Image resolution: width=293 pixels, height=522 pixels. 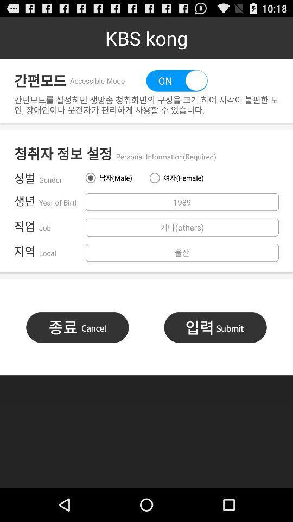 I want to click on the icon below personal information(required), so click(x=178, y=178).